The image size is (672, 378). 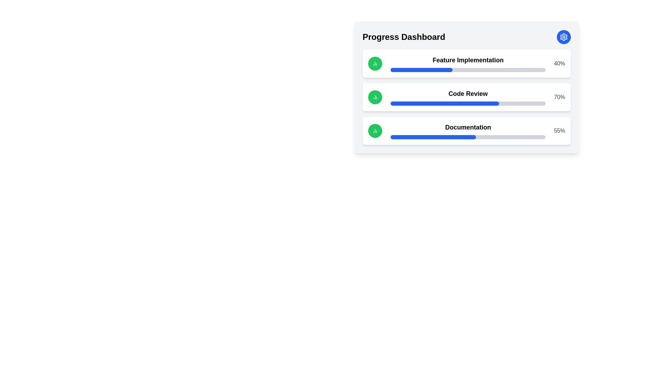 What do you see at coordinates (374, 63) in the screenshot?
I see `the topmost icon in the 'Feature Implementation' segment of the progress dashboard, which is represented as a symbolic icon inside a green circular background` at bounding box center [374, 63].